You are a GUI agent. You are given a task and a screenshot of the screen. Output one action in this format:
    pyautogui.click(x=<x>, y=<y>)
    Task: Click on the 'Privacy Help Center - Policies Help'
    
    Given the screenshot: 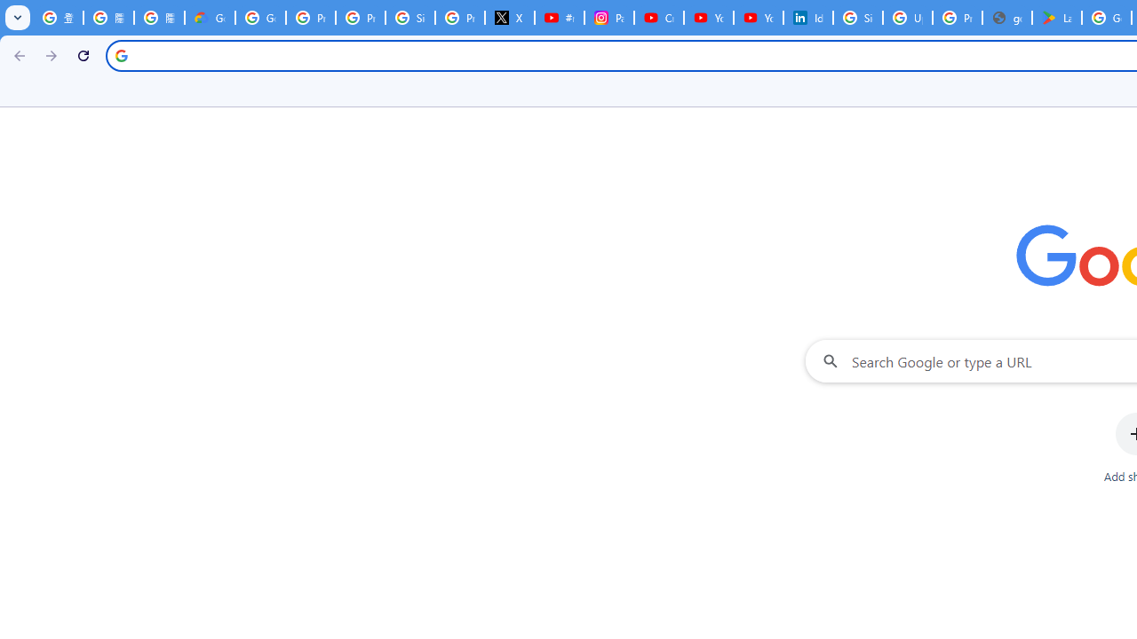 What is the action you would take?
    pyautogui.click(x=359, y=18)
    